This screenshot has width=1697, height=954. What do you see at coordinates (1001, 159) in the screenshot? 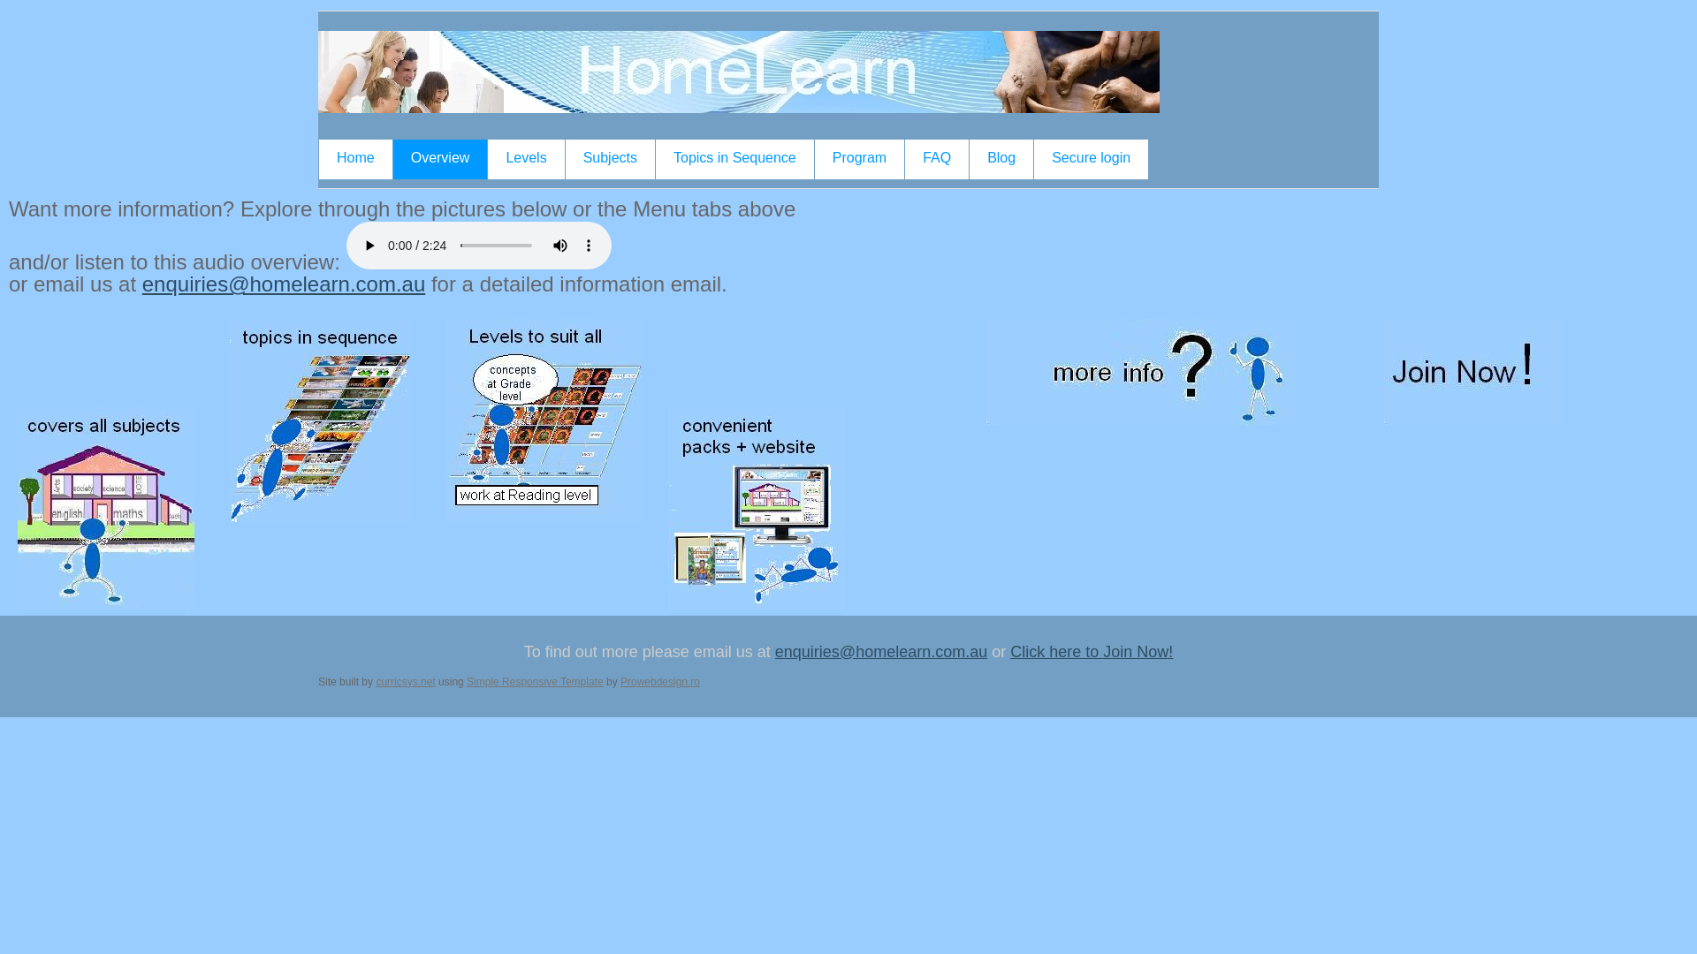
I see `'Blog'` at bounding box center [1001, 159].